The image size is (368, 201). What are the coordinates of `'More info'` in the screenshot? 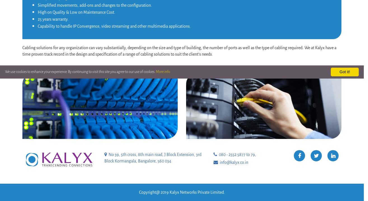 It's located at (163, 72).